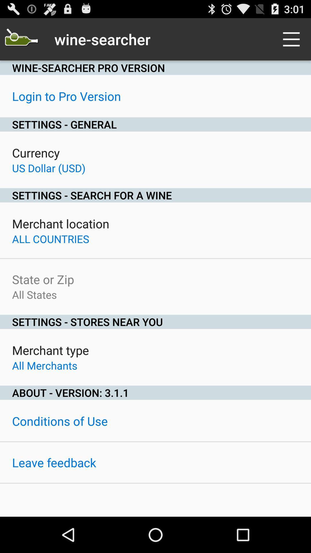 This screenshot has height=553, width=311. What do you see at coordinates (43, 279) in the screenshot?
I see `the state or zip` at bounding box center [43, 279].